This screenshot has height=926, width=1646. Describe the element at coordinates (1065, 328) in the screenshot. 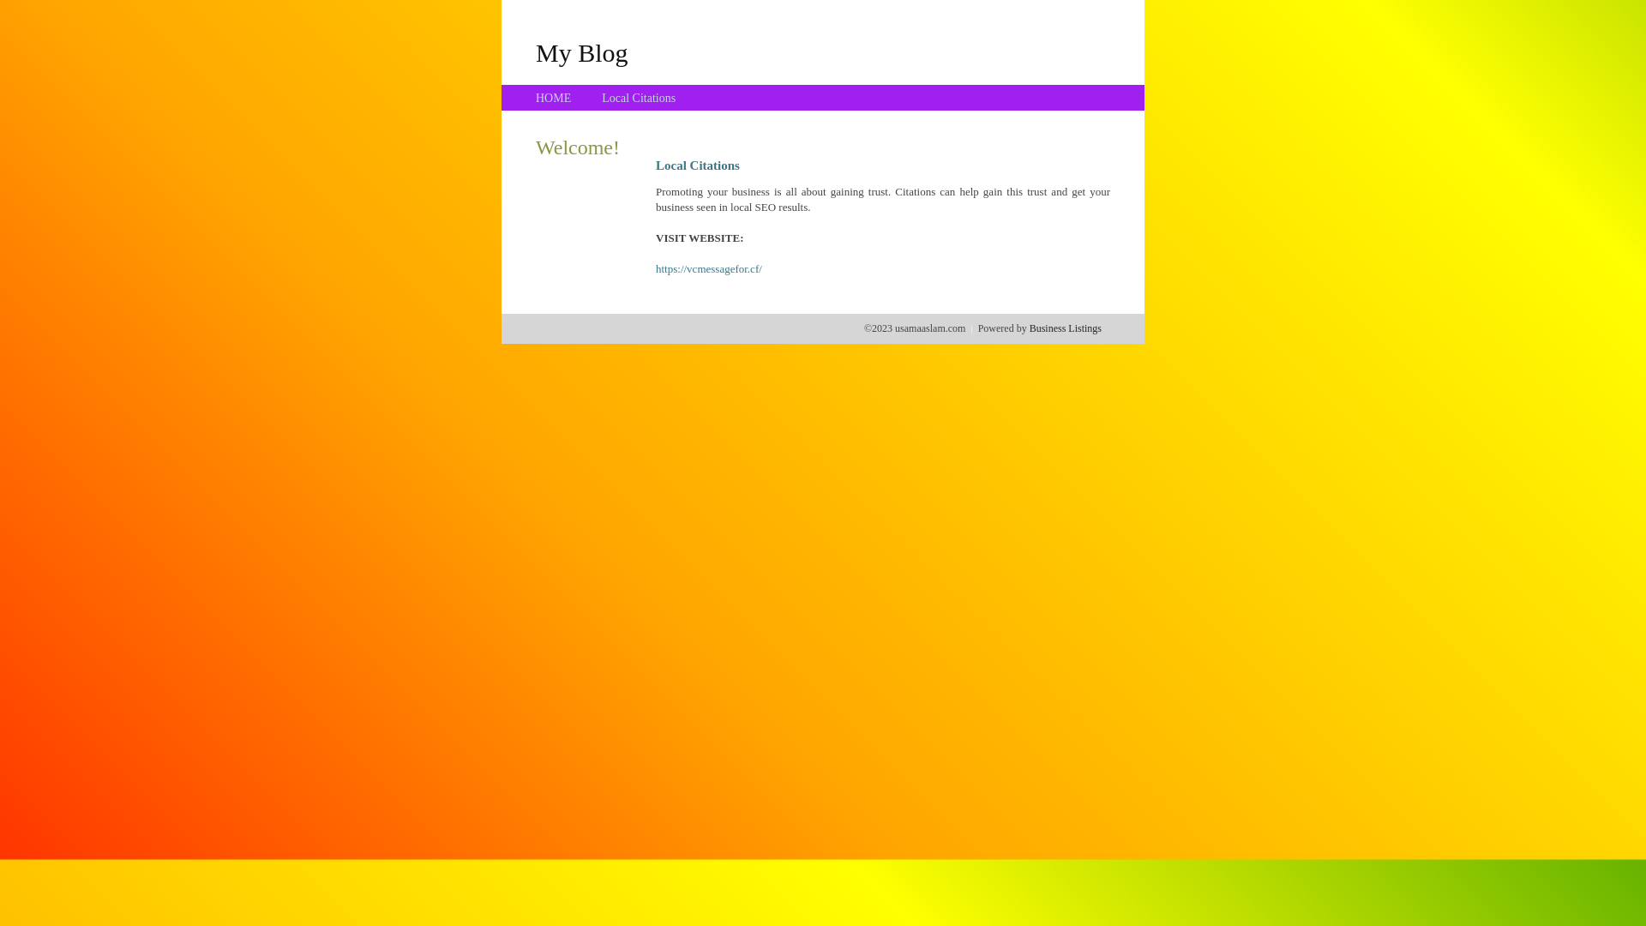

I see `'Business Listings'` at that location.